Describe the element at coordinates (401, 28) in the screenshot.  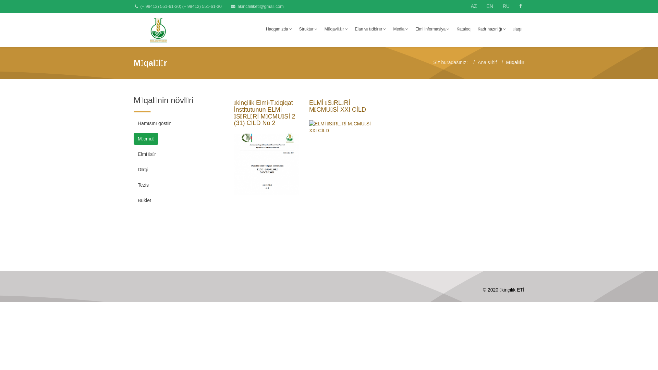
I see `'Media'` at that location.